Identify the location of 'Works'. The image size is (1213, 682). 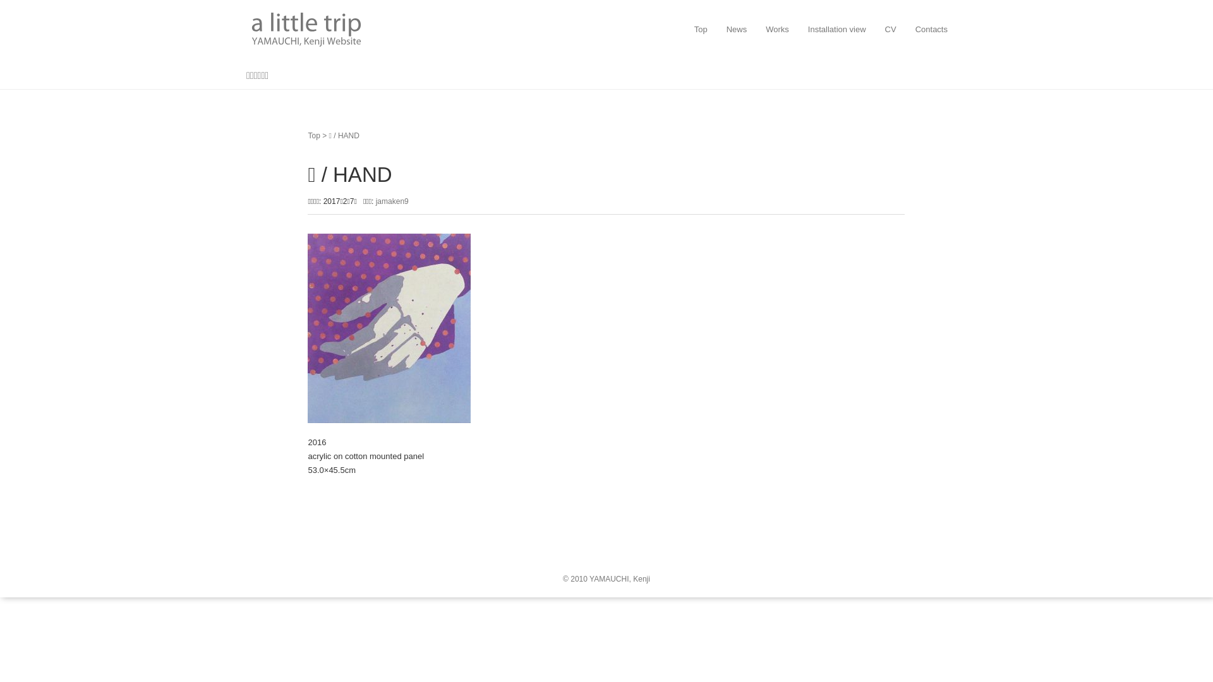
(776, 28).